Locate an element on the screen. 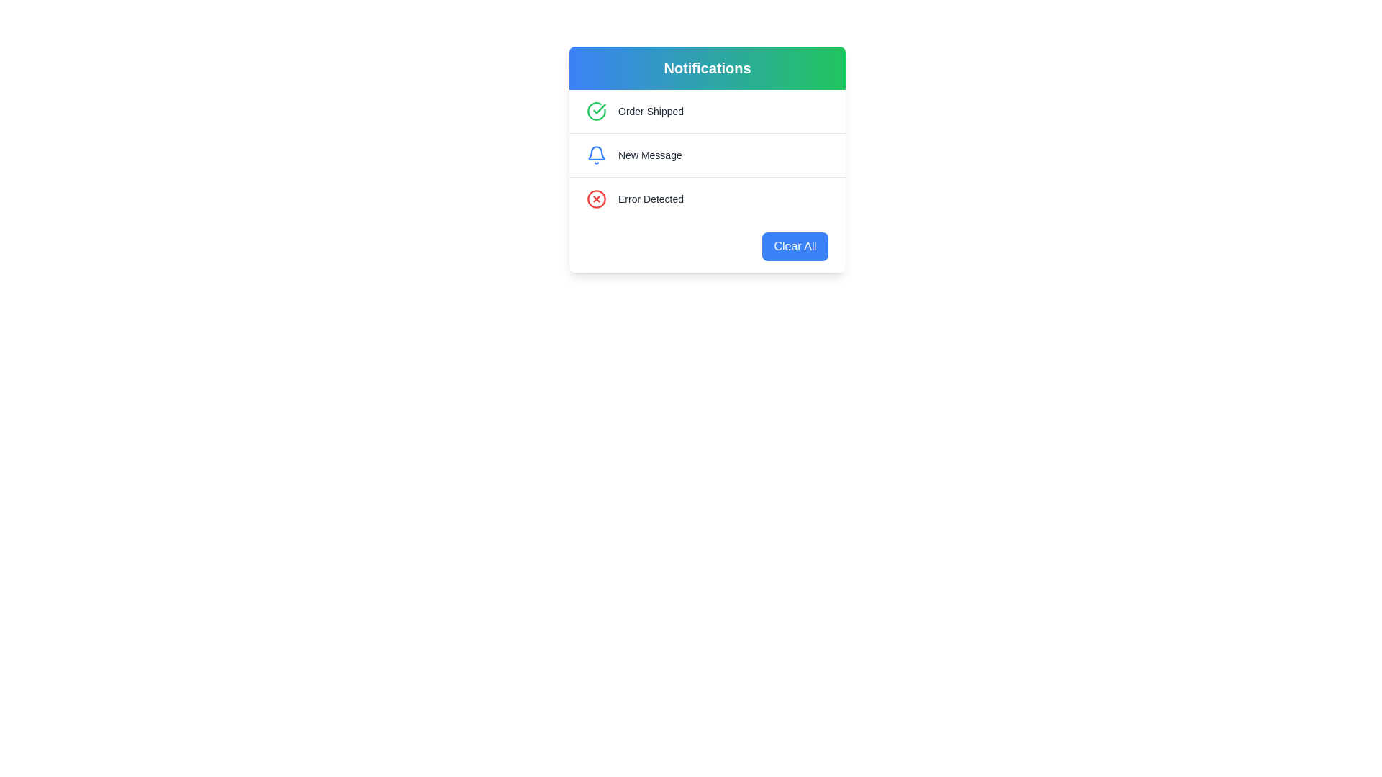 The height and width of the screenshot is (777, 1382). the clear notifications button located at the lower-right corner of the notification panel is located at coordinates (795, 246).